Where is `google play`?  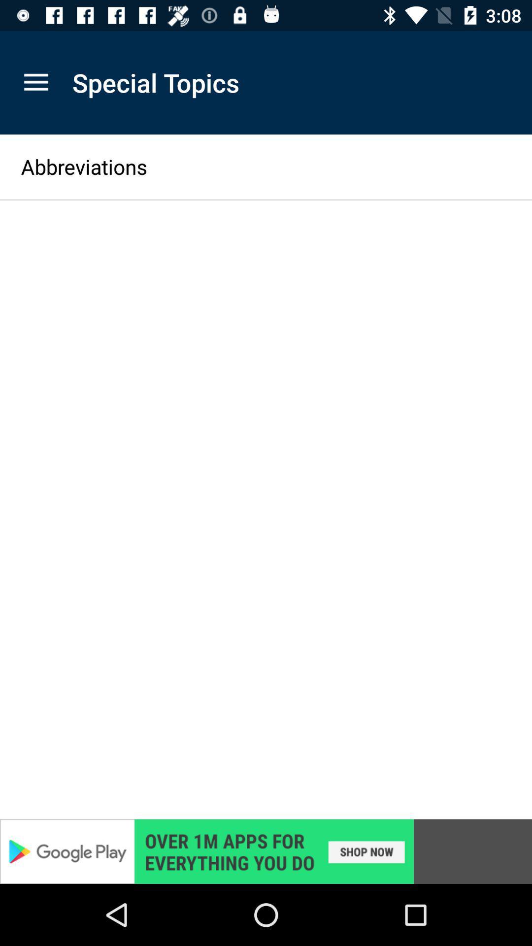 google play is located at coordinates (266, 851).